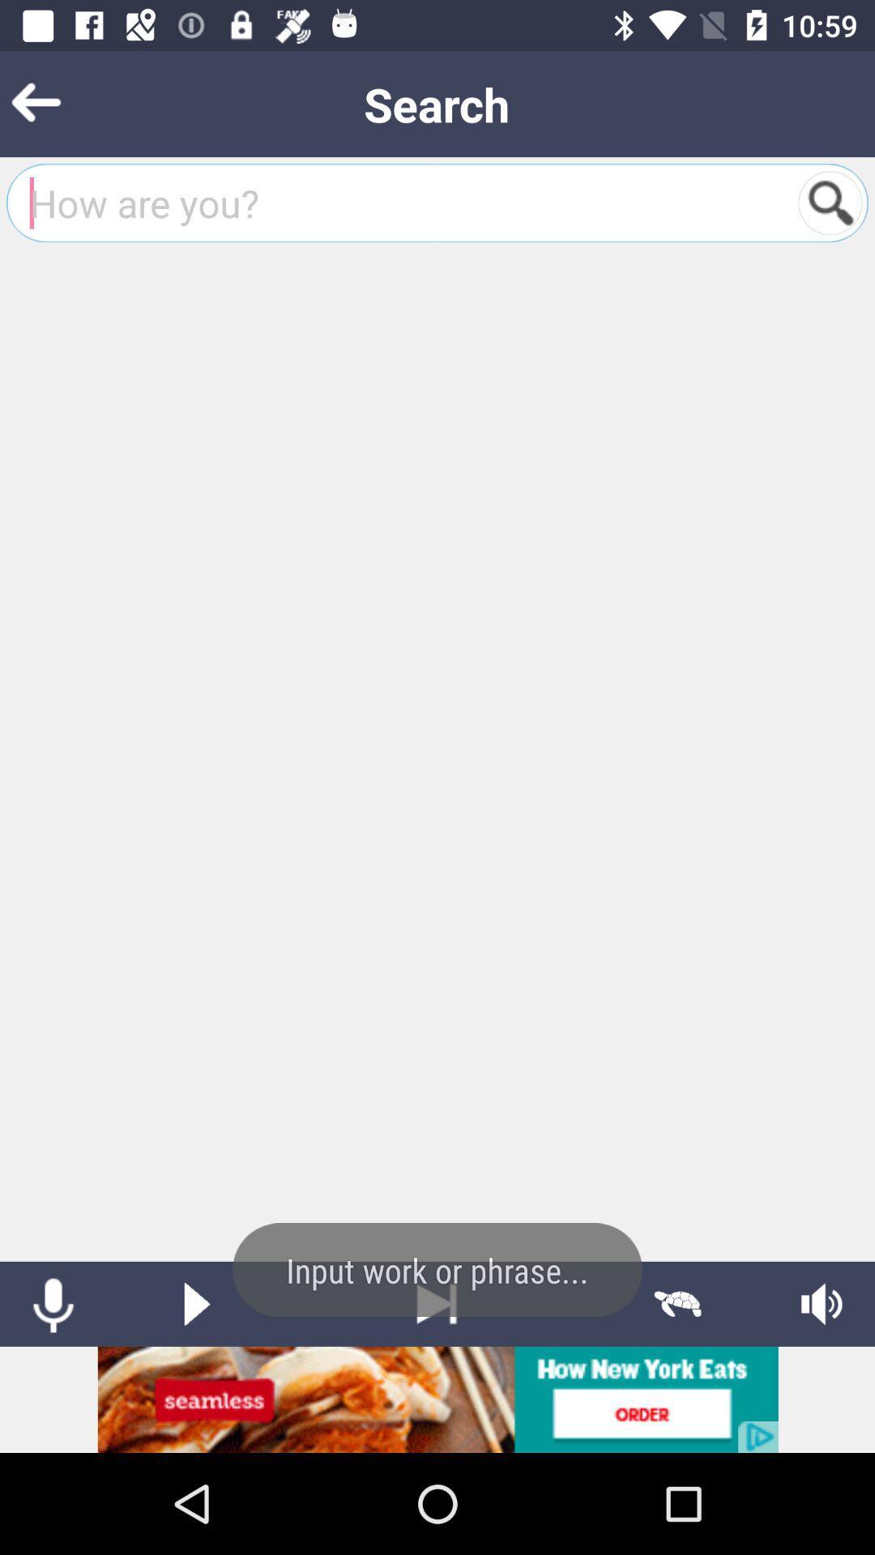  I want to click on to end, so click(436, 1304).